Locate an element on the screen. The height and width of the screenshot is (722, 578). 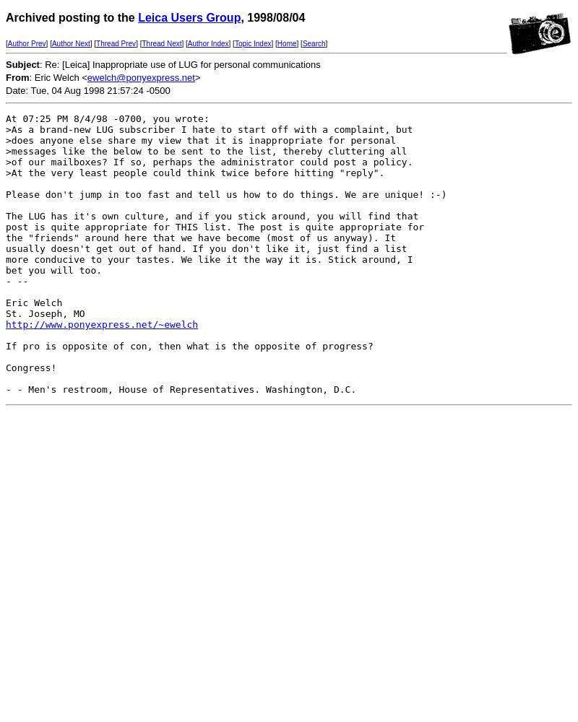
']' is located at coordinates (324, 43).